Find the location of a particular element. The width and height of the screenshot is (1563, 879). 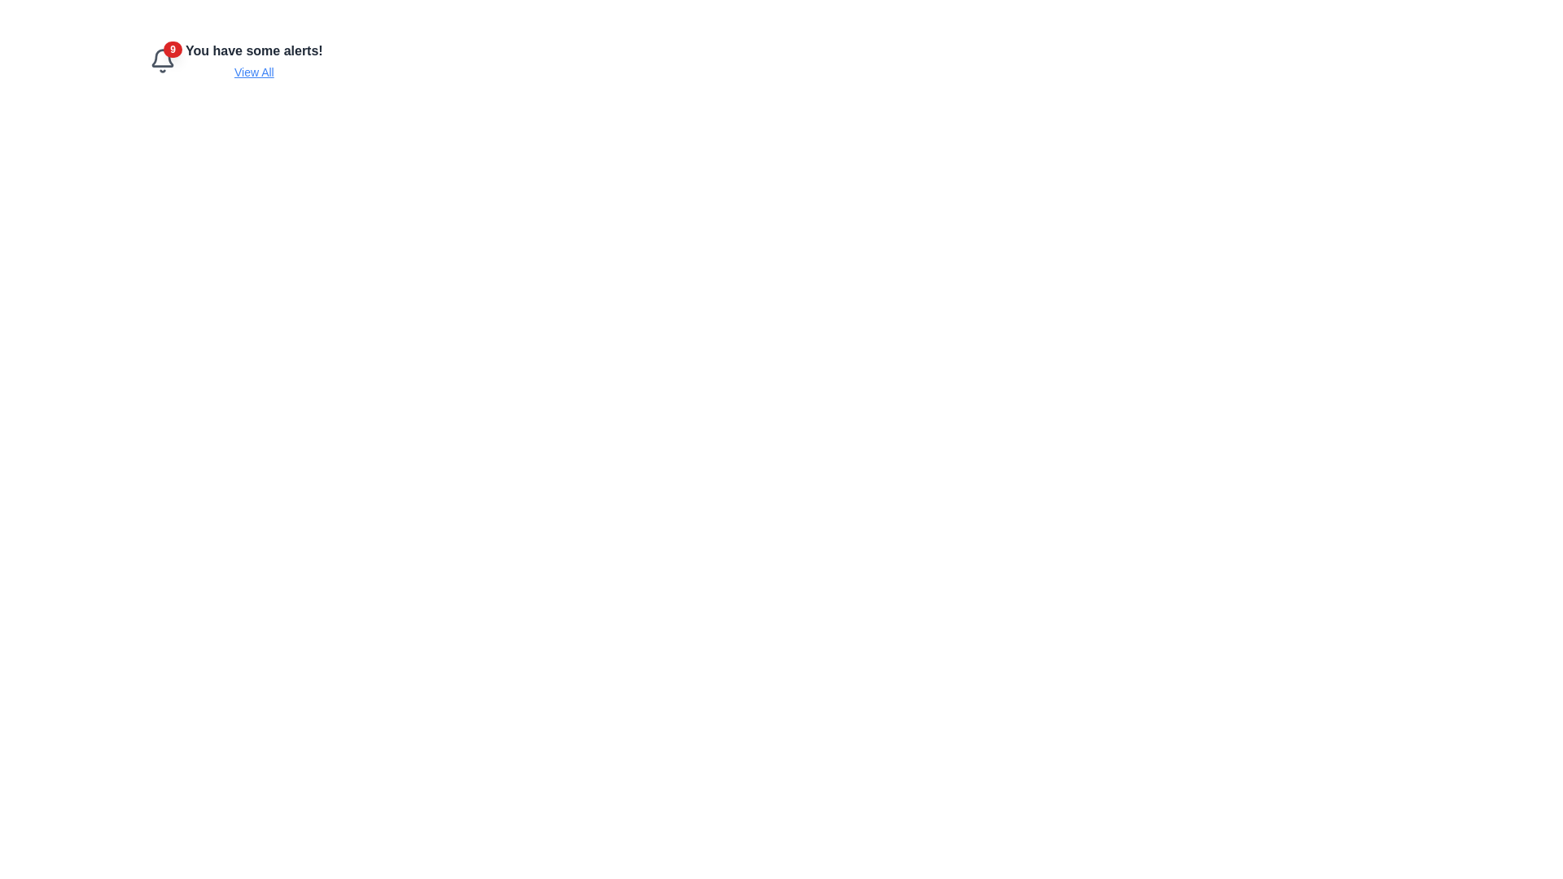

the static text element that reads 'You have some alerts!', which is styled in bold and larger font, positioned above the 'View All' link is located at coordinates (253, 50).